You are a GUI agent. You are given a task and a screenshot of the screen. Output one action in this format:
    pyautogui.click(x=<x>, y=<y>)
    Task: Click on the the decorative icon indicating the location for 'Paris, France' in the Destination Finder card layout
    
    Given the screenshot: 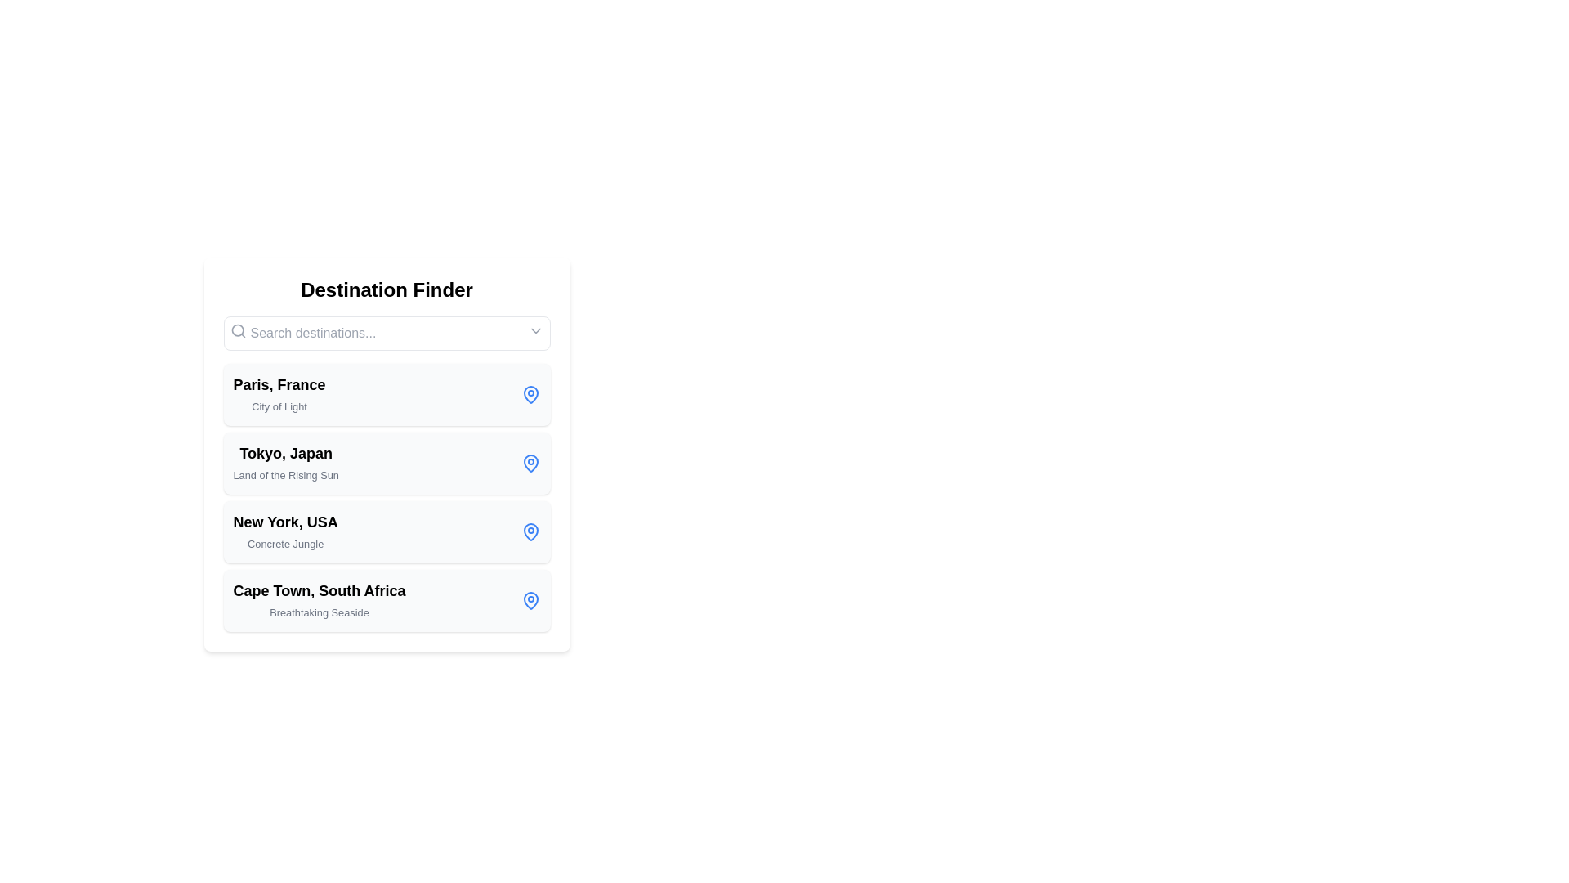 What is the action you would take?
    pyautogui.click(x=530, y=394)
    